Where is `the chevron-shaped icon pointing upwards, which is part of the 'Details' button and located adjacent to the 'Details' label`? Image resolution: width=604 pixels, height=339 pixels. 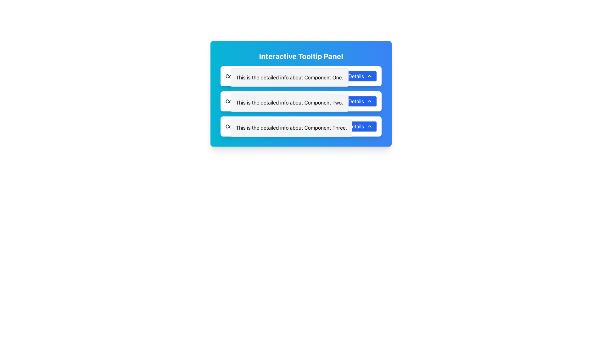
the chevron-shaped icon pointing upwards, which is part of the 'Details' button and located adjacent to the 'Details' label is located at coordinates (370, 76).